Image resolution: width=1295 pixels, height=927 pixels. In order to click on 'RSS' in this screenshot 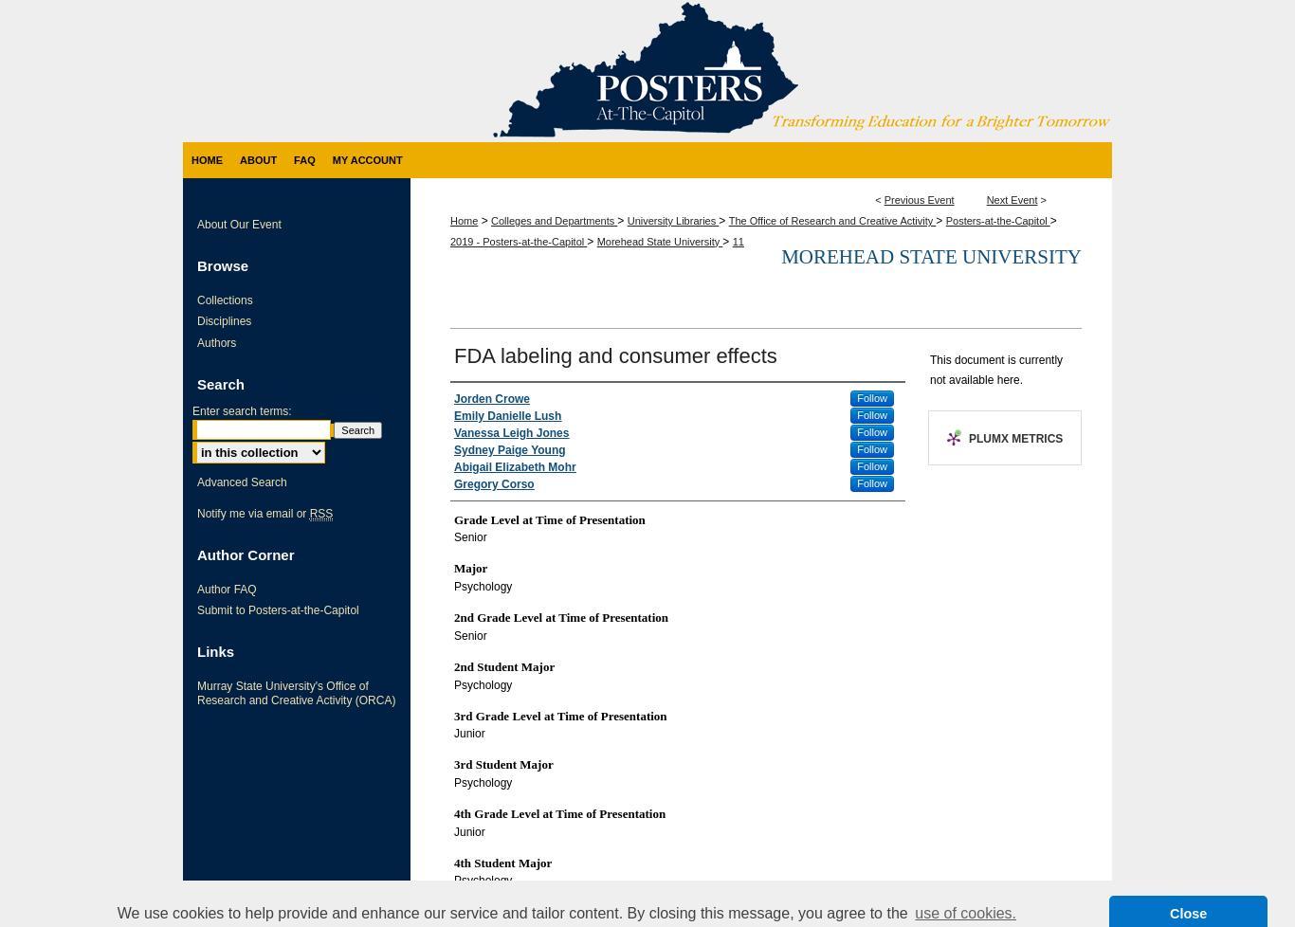, I will do `click(320, 514)`.